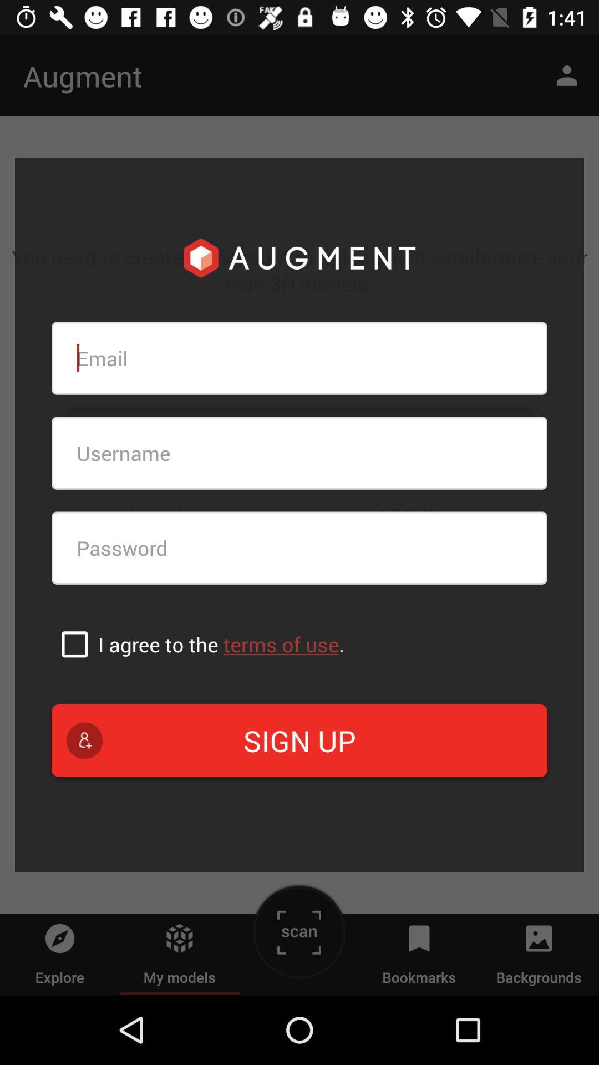 The height and width of the screenshot is (1065, 599). What do you see at coordinates (299, 741) in the screenshot?
I see `sign up item` at bounding box center [299, 741].